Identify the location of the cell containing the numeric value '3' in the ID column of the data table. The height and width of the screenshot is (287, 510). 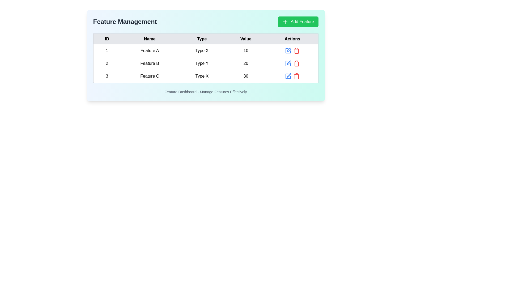
(107, 76).